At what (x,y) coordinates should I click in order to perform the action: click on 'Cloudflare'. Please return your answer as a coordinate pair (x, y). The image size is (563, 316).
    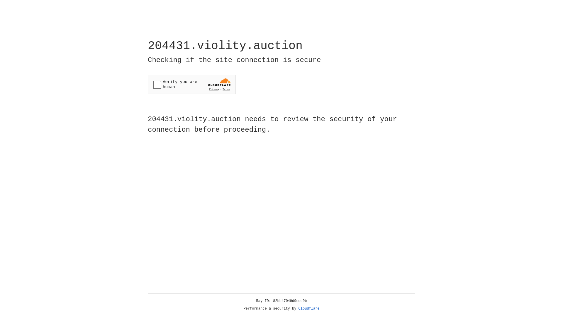
    Looking at the image, I should click on (309, 308).